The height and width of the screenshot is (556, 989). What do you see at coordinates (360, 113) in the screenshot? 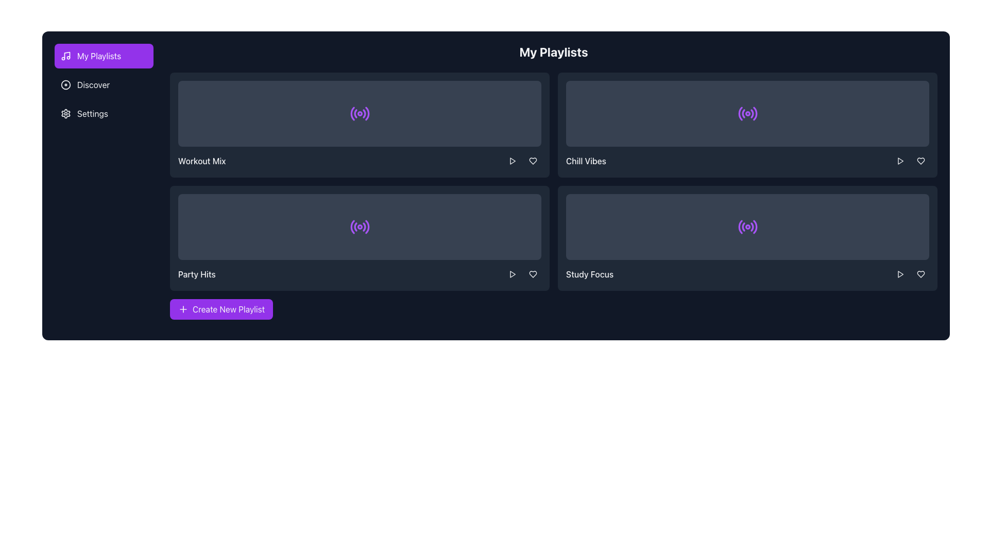
I see `the dark gray rectangular block labeled 'Workout Mix' in the 'My Playlists' section` at bounding box center [360, 113].